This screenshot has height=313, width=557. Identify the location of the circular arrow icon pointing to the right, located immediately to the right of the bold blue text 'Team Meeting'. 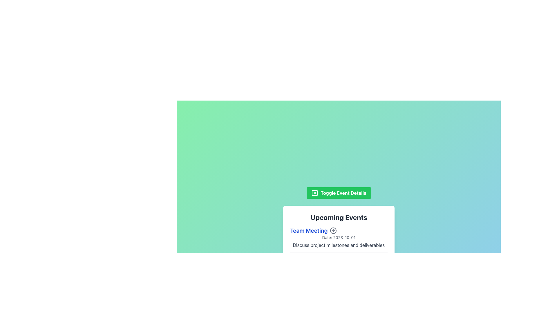
(333, 230).